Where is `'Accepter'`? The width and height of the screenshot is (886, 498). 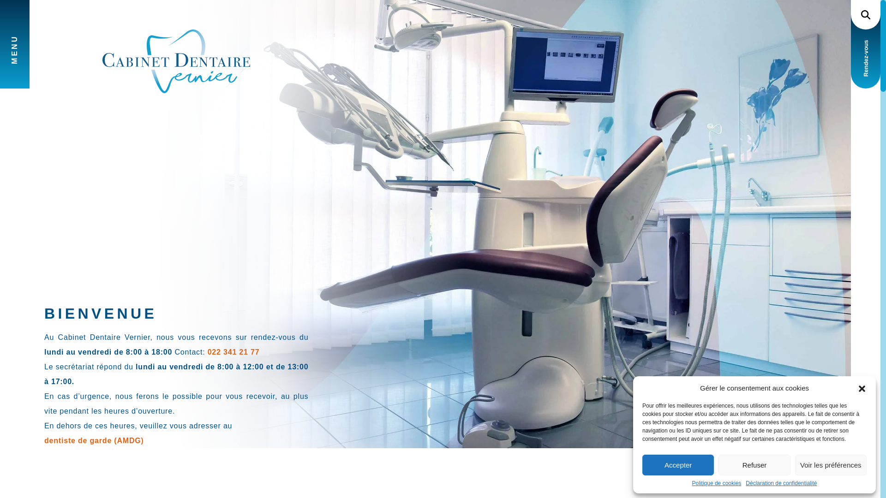 'Accepter' is located at coordinates (678, 465).